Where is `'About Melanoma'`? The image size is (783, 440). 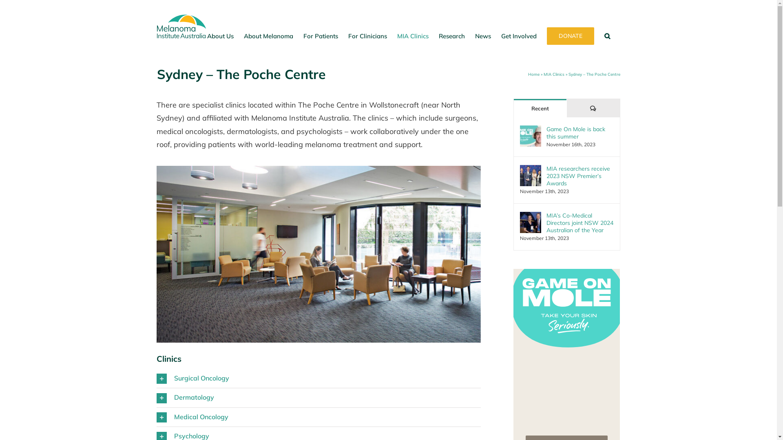
'About Melanoma' is located at coordinates (268, 35).